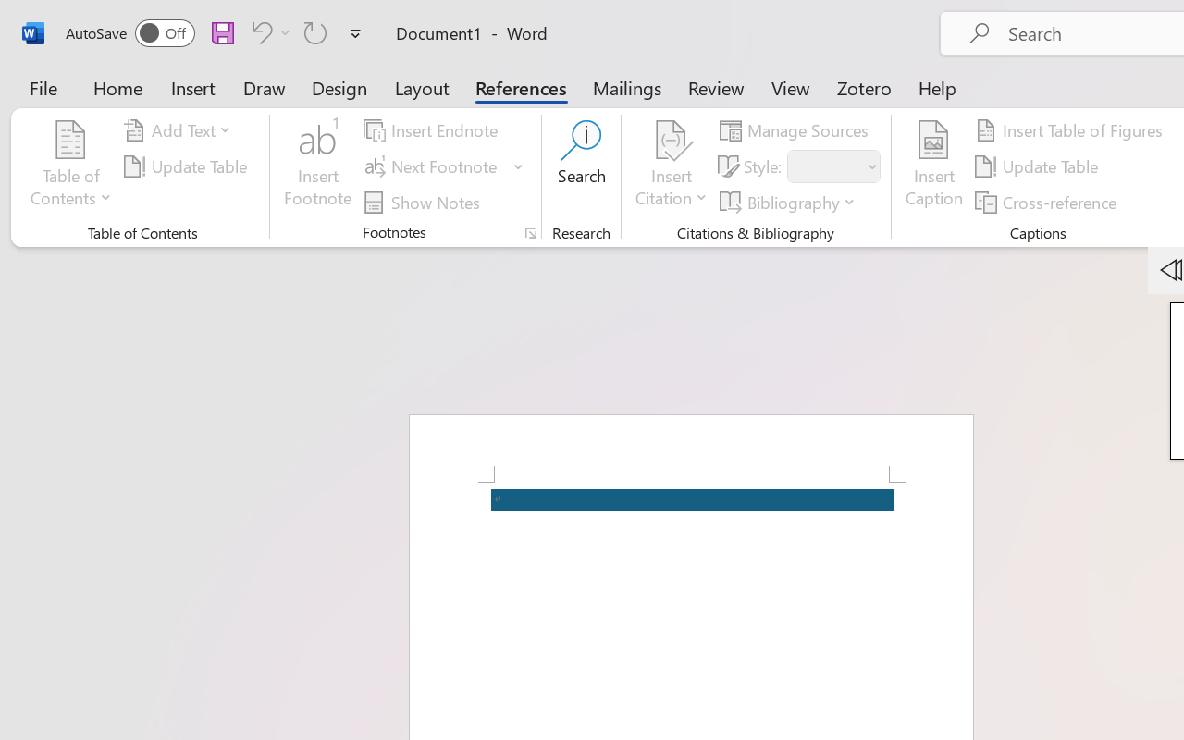 The width and height of the screenshot is (1184, 740). What do you see at coordinates (258, 31) in the screenshot?
I see `'Undo Apply Quick Style Set'` at bounding box center [258, 31].